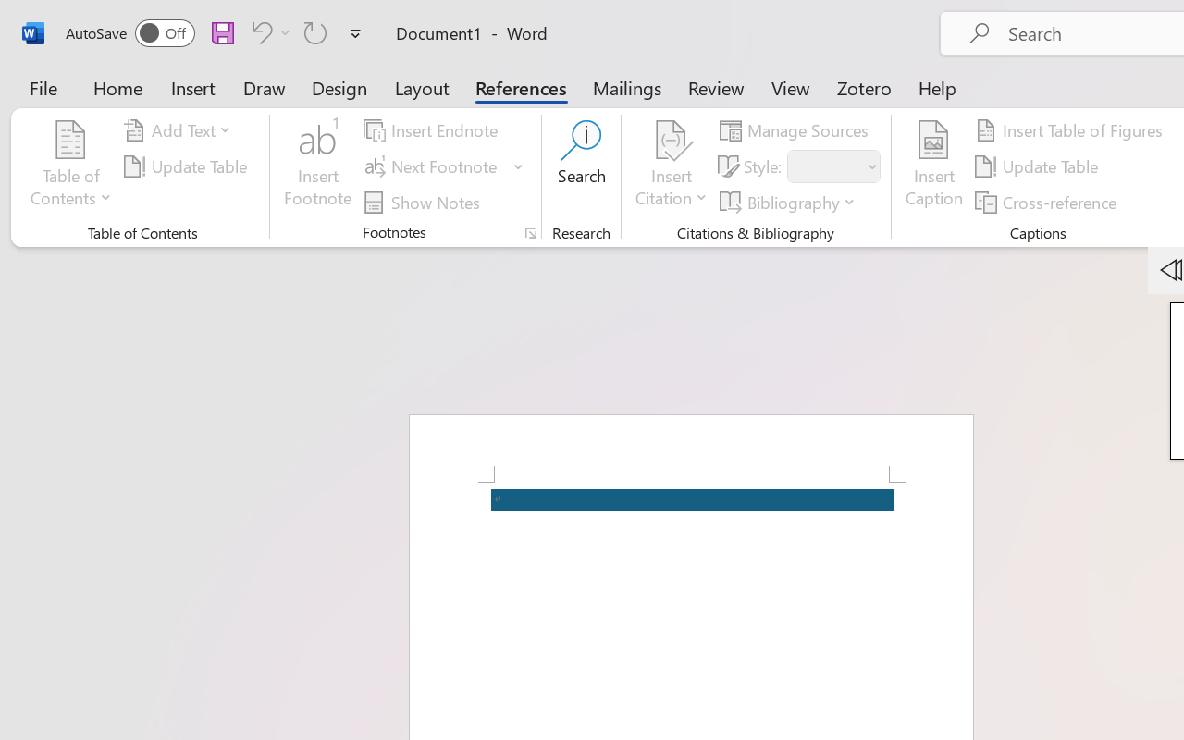 The width and height of the screenshot is (1184, 740). What do you see at coordinates (258, 31) in the screenshot?
I see `'Undo Apply Quick Style Set'` at bounding box center [258, 31].